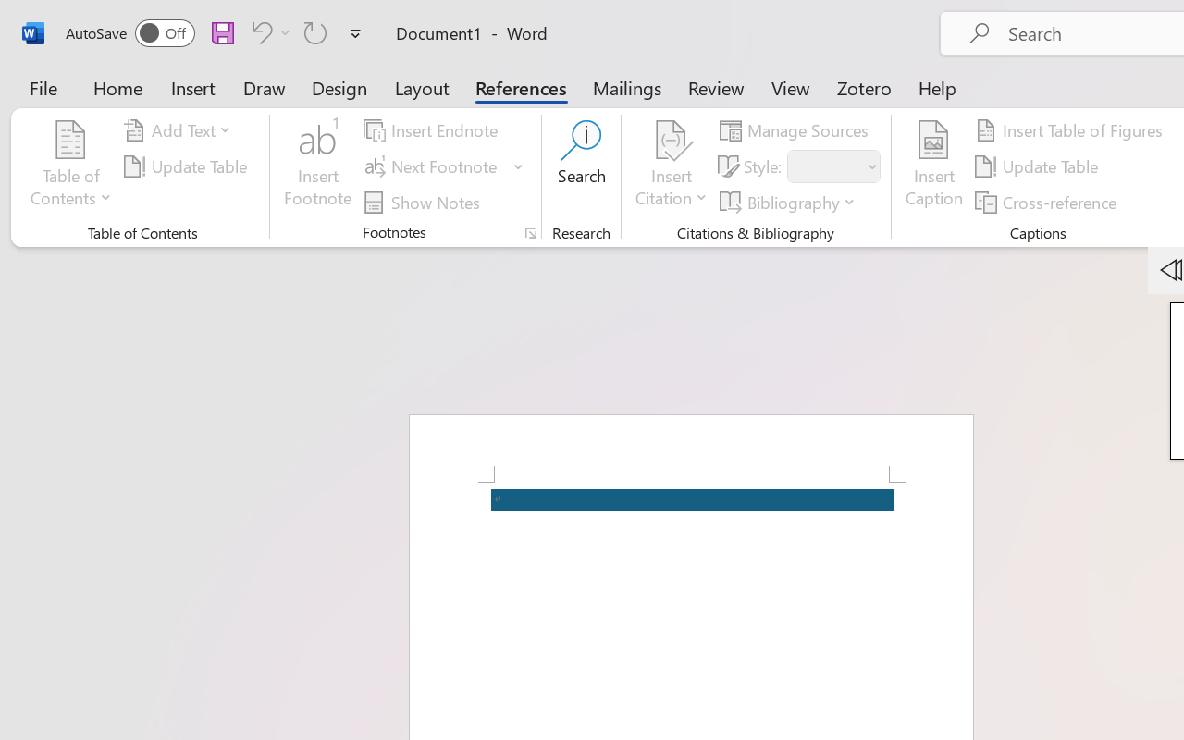 The width and height of the screenshot is (1184, 740). What do you see at coordinates (258, 31) in the screenshot?
I see `'Undo Apply Quick Style Set'` at bounding box center [258, 31].